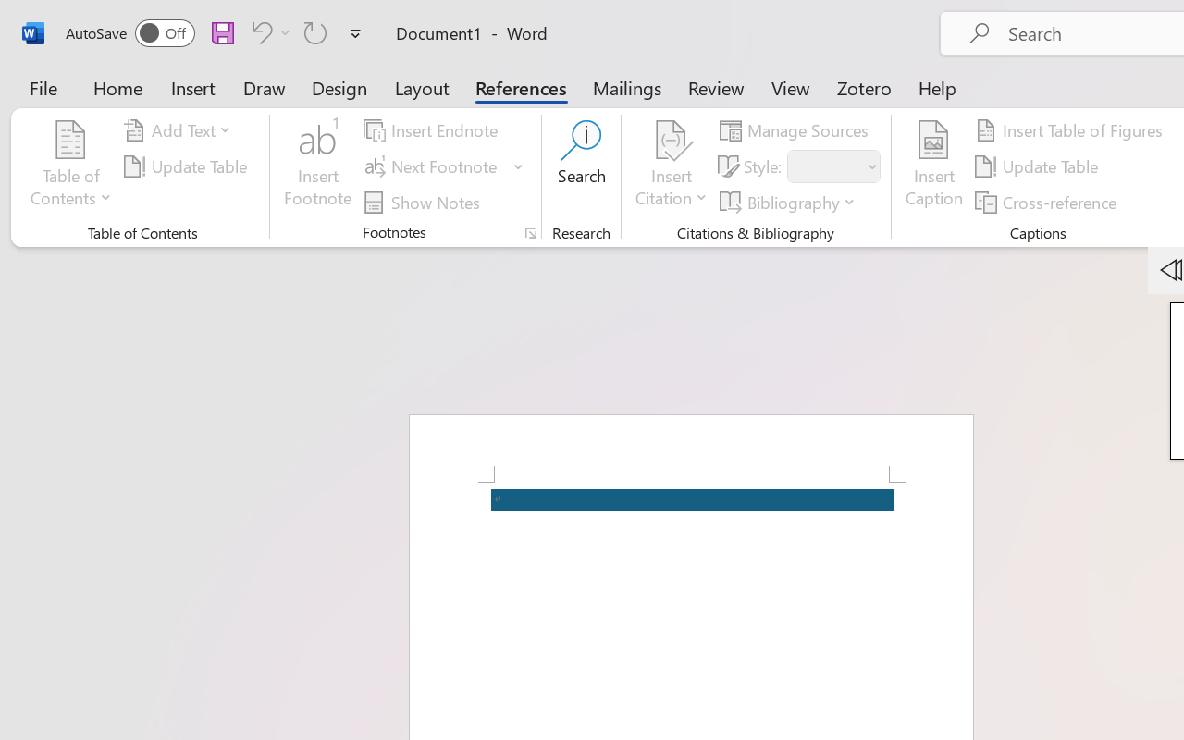 The width and height of the screenshot is (1184, 740). What do you see at coordinates (258, 31) in the screenshot?
I see `'Undo Apply Quick Style Set'` at bounding box center [258, 31].